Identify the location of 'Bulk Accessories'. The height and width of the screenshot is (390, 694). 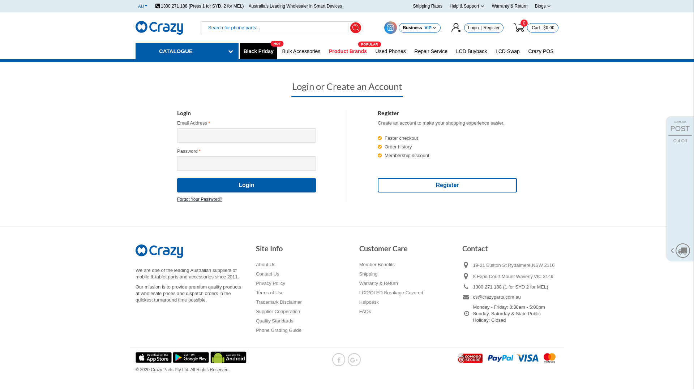
(301, 51).